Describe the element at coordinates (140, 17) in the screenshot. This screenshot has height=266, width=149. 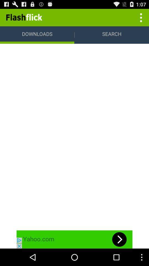
I see `more options` at that location.